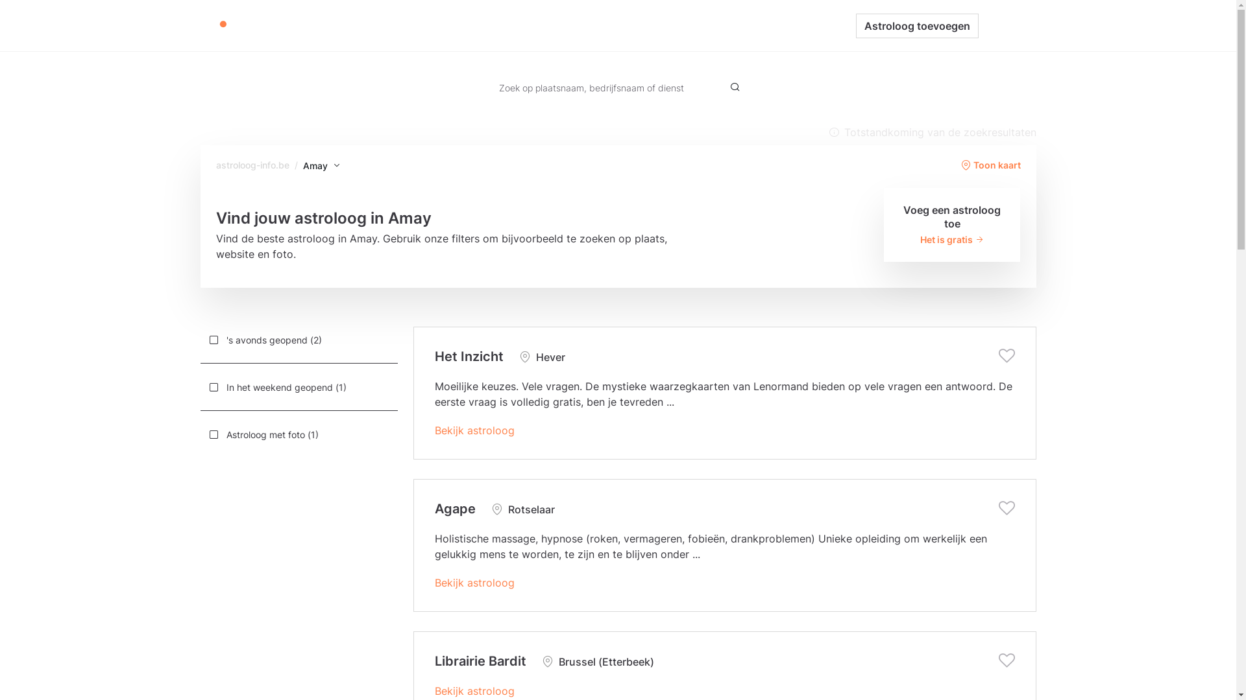 This screenshot has width=1246, height=700. Describe the element at coordinates (952, 239) in the screenshot. I see `'Het is gratis'` at that location.